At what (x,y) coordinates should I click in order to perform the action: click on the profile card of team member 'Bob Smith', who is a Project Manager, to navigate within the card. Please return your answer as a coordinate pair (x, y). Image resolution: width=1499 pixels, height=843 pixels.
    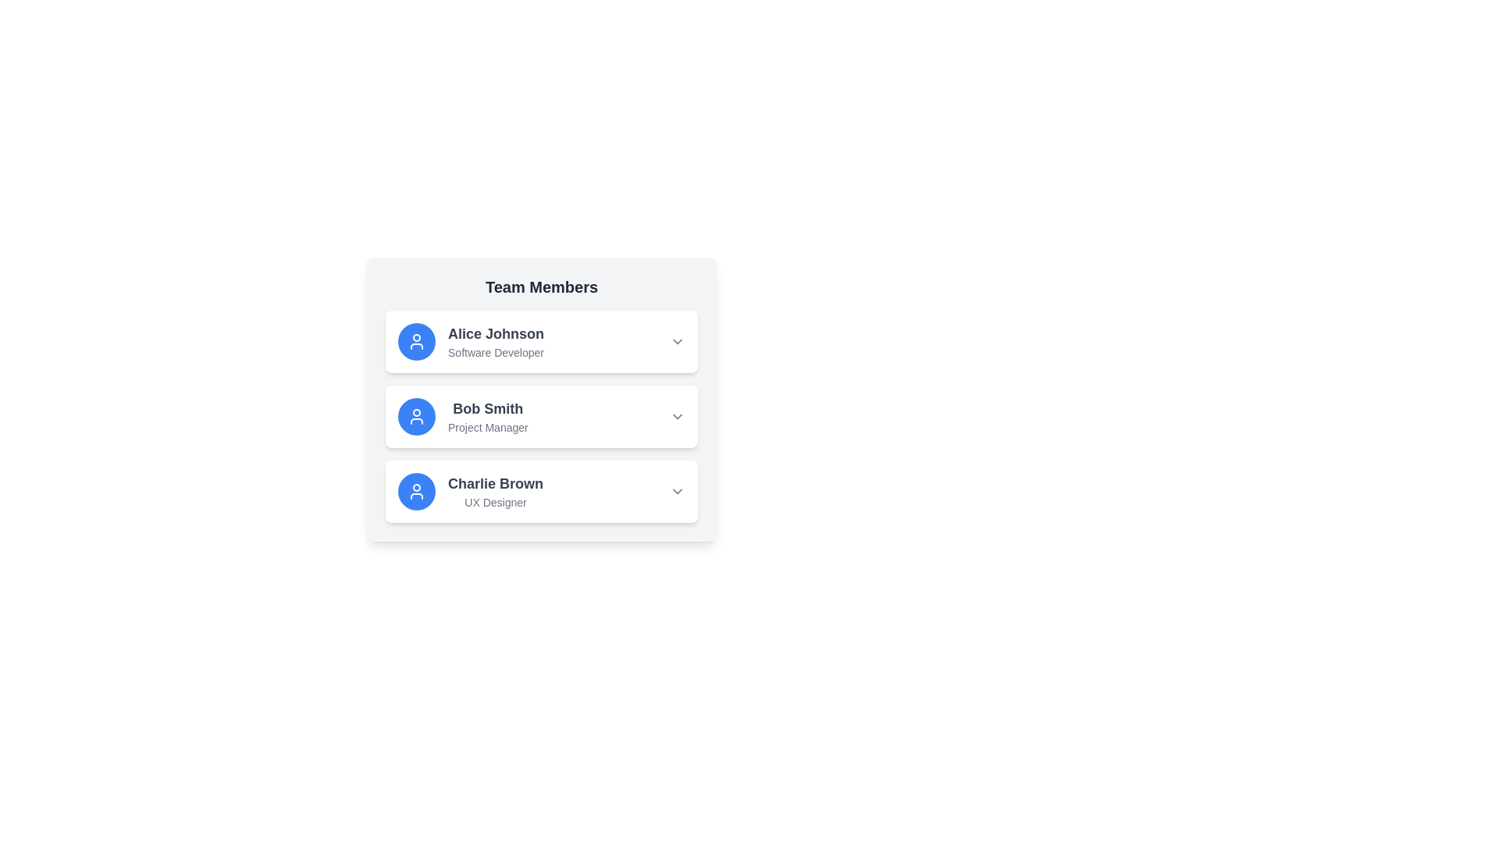
    Looking at the image, I should click on (542, 415).